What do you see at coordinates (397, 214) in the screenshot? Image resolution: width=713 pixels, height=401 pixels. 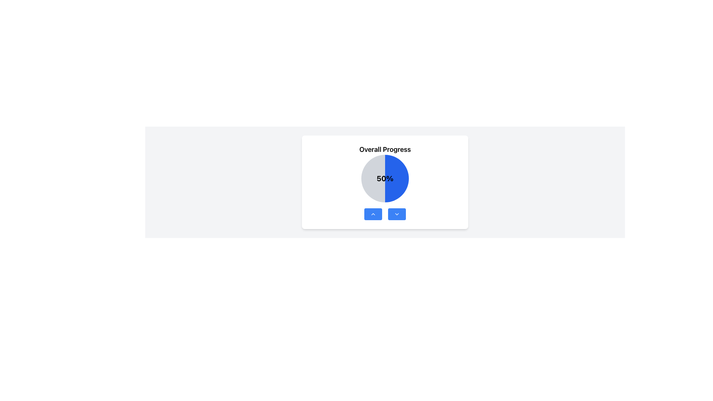 I see `the blue rectangular button with a down-pointing chevron icon` at bounding box center [397, 214].